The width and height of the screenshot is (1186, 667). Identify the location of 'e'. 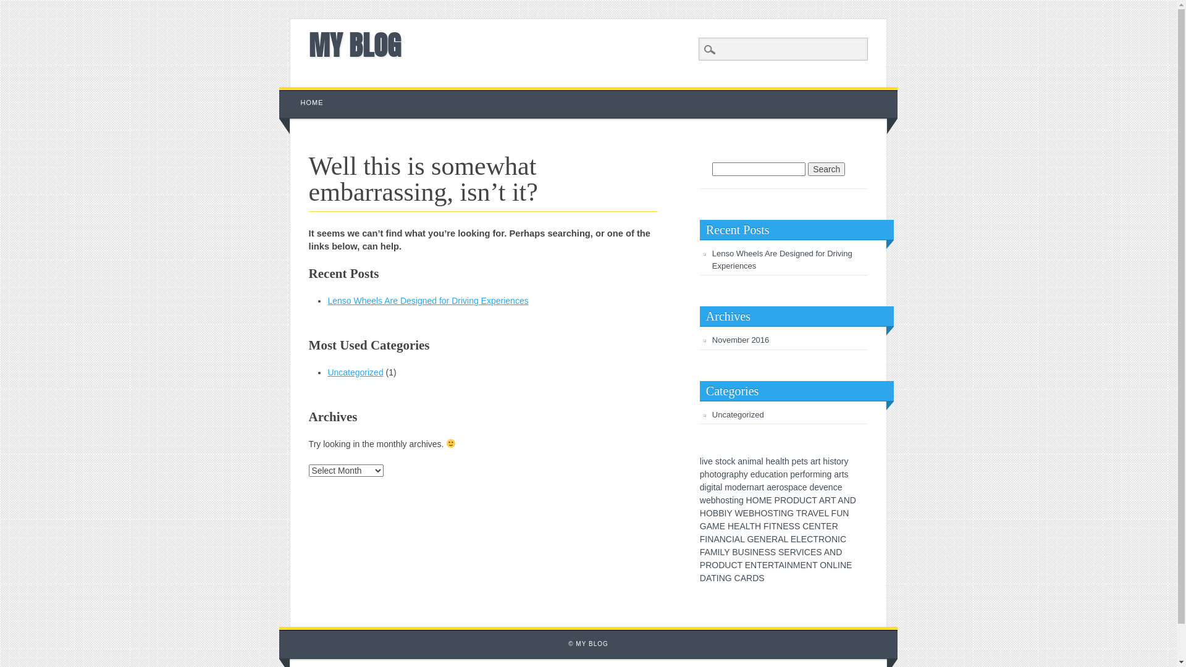
(752, 473).